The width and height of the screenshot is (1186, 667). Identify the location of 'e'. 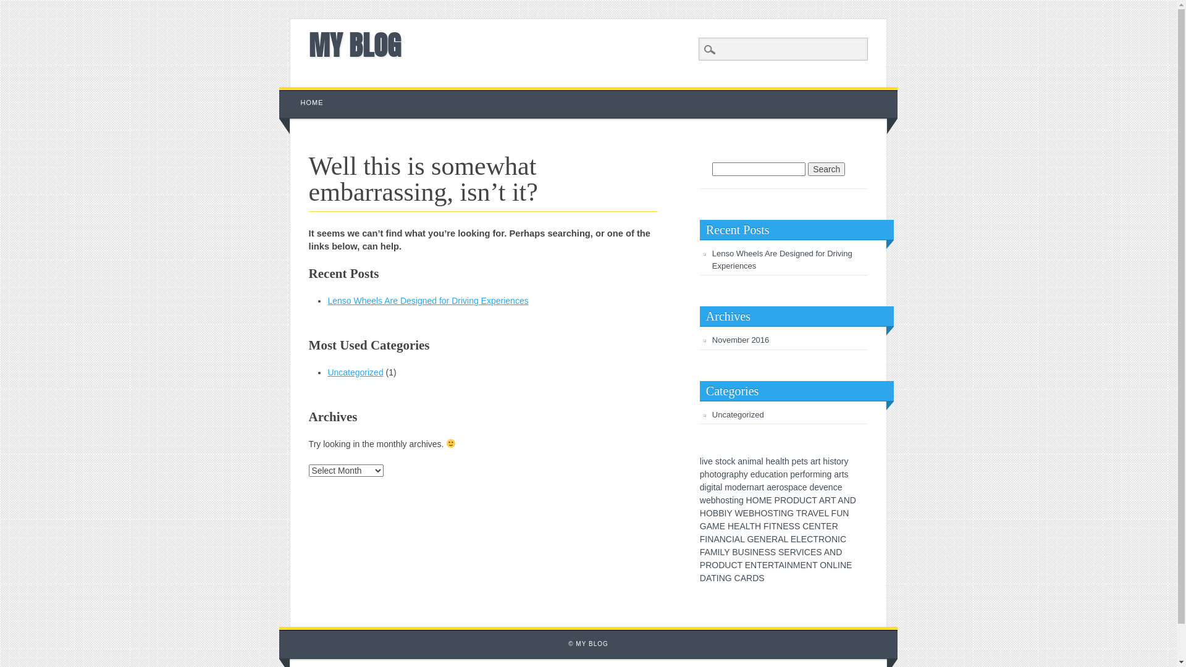
(752, 473).